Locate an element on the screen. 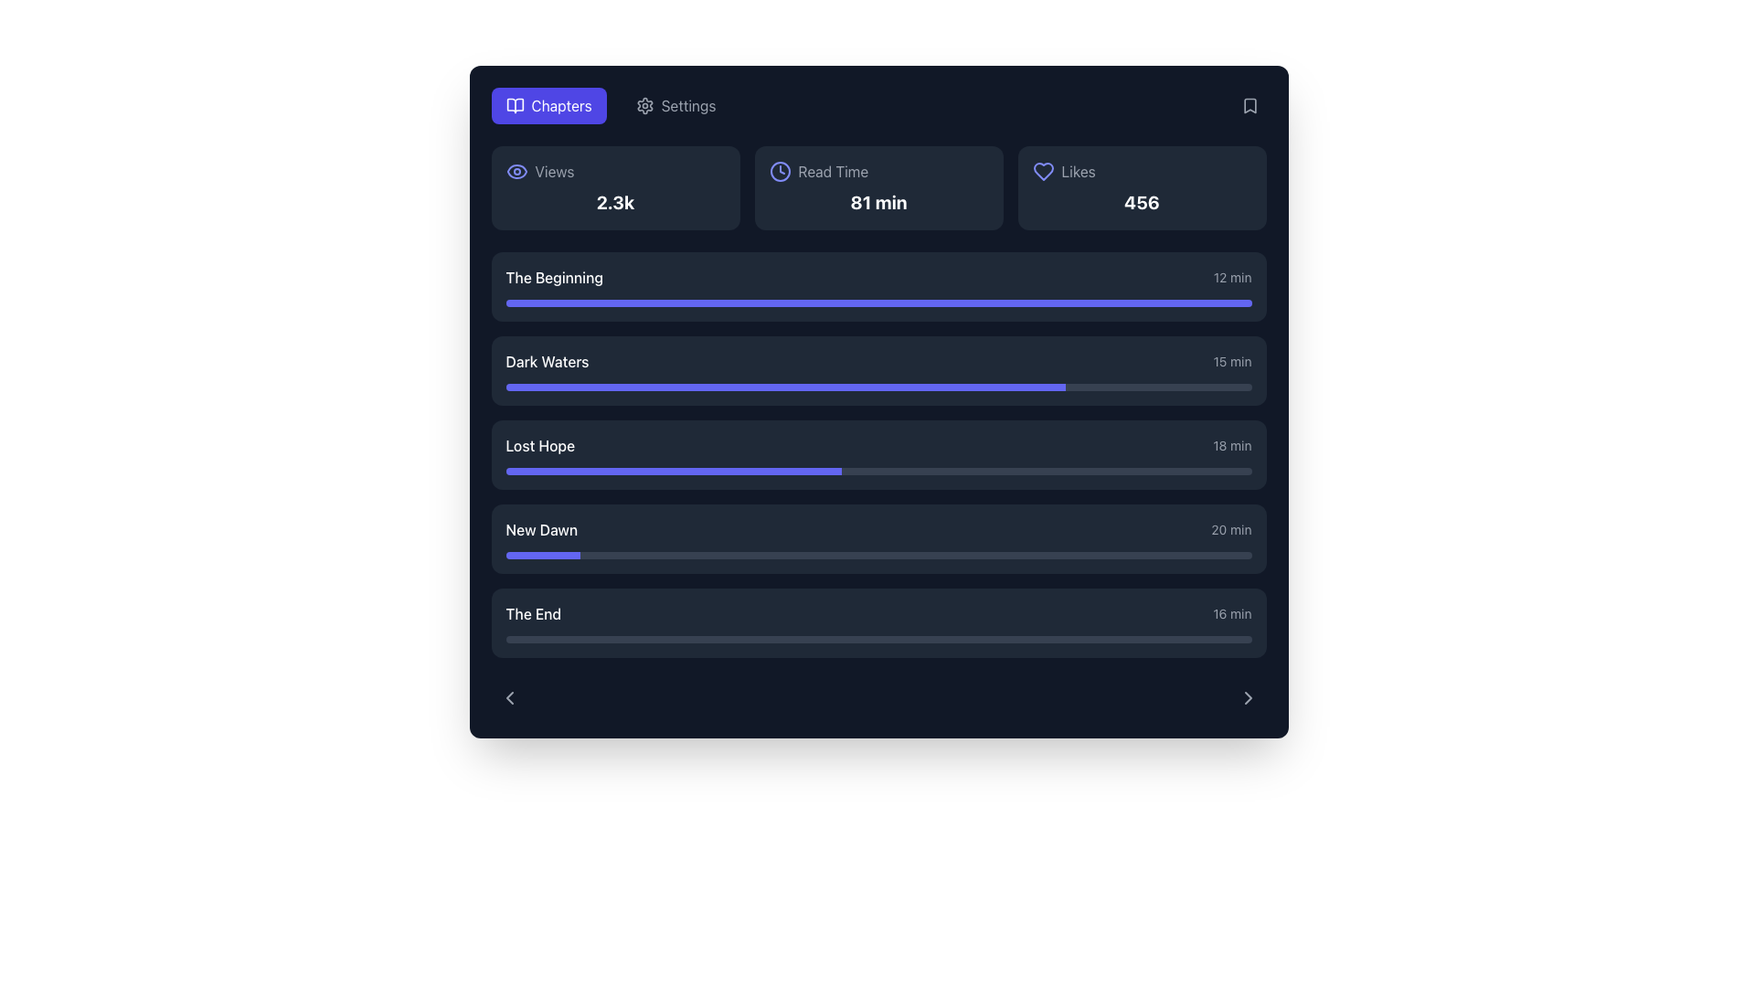 The height and width of the screenshot is (987, 1755). the Progress bar located beneath the 'New Dawn 20 min' text in the vertical list of items is located at coordinates (878, 555).